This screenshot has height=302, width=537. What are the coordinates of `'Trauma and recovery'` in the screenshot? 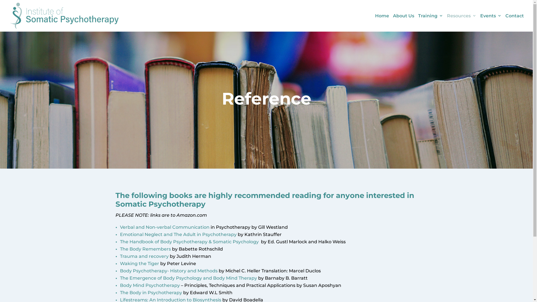 It's located at (144, 256).